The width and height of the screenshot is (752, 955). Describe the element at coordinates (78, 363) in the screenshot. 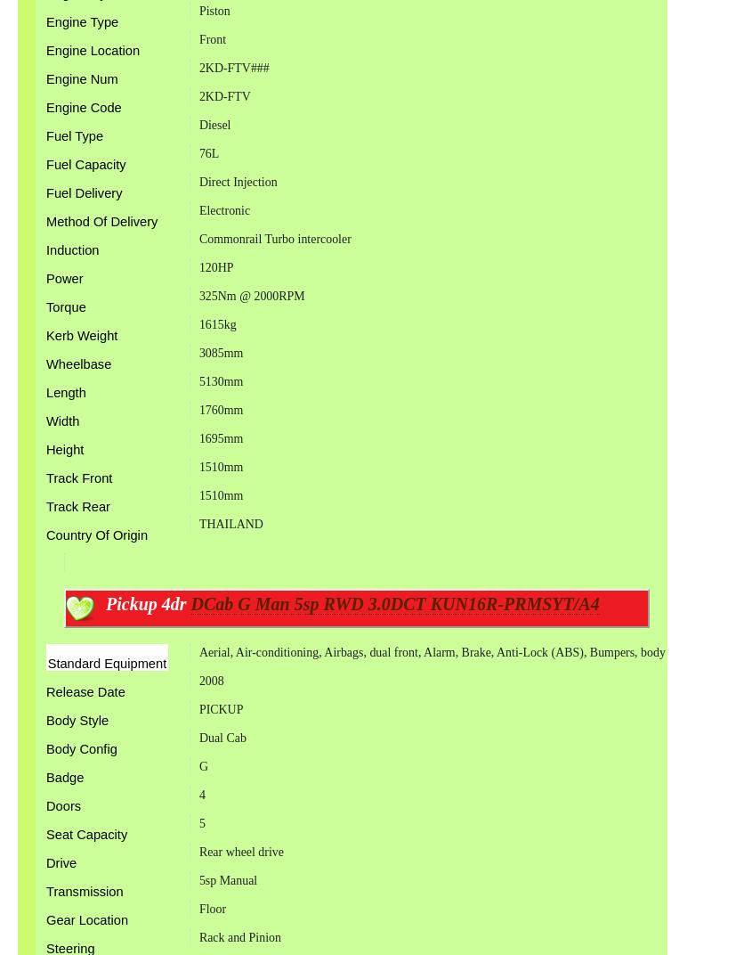

I see `'Wheelbase'` at that location.